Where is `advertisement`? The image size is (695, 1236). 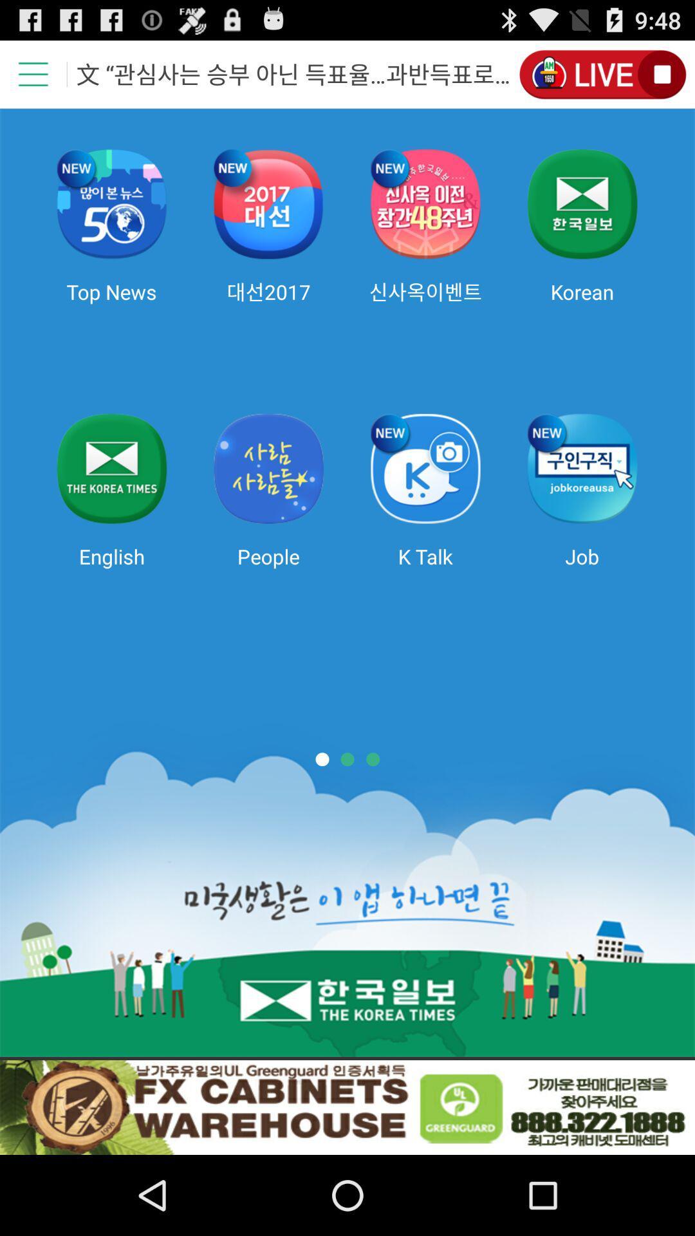
advertisement is located at coordinates (347, 1107).